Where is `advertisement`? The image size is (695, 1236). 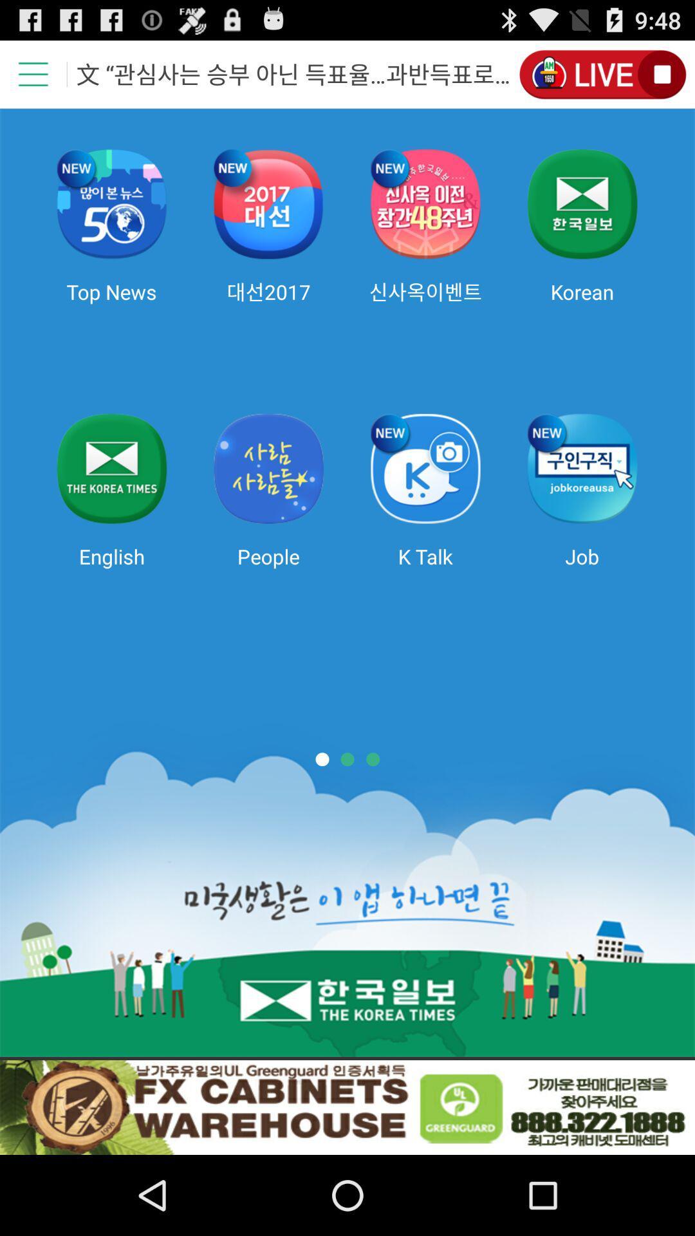
advertisement is located at coordinates (347, 1107).